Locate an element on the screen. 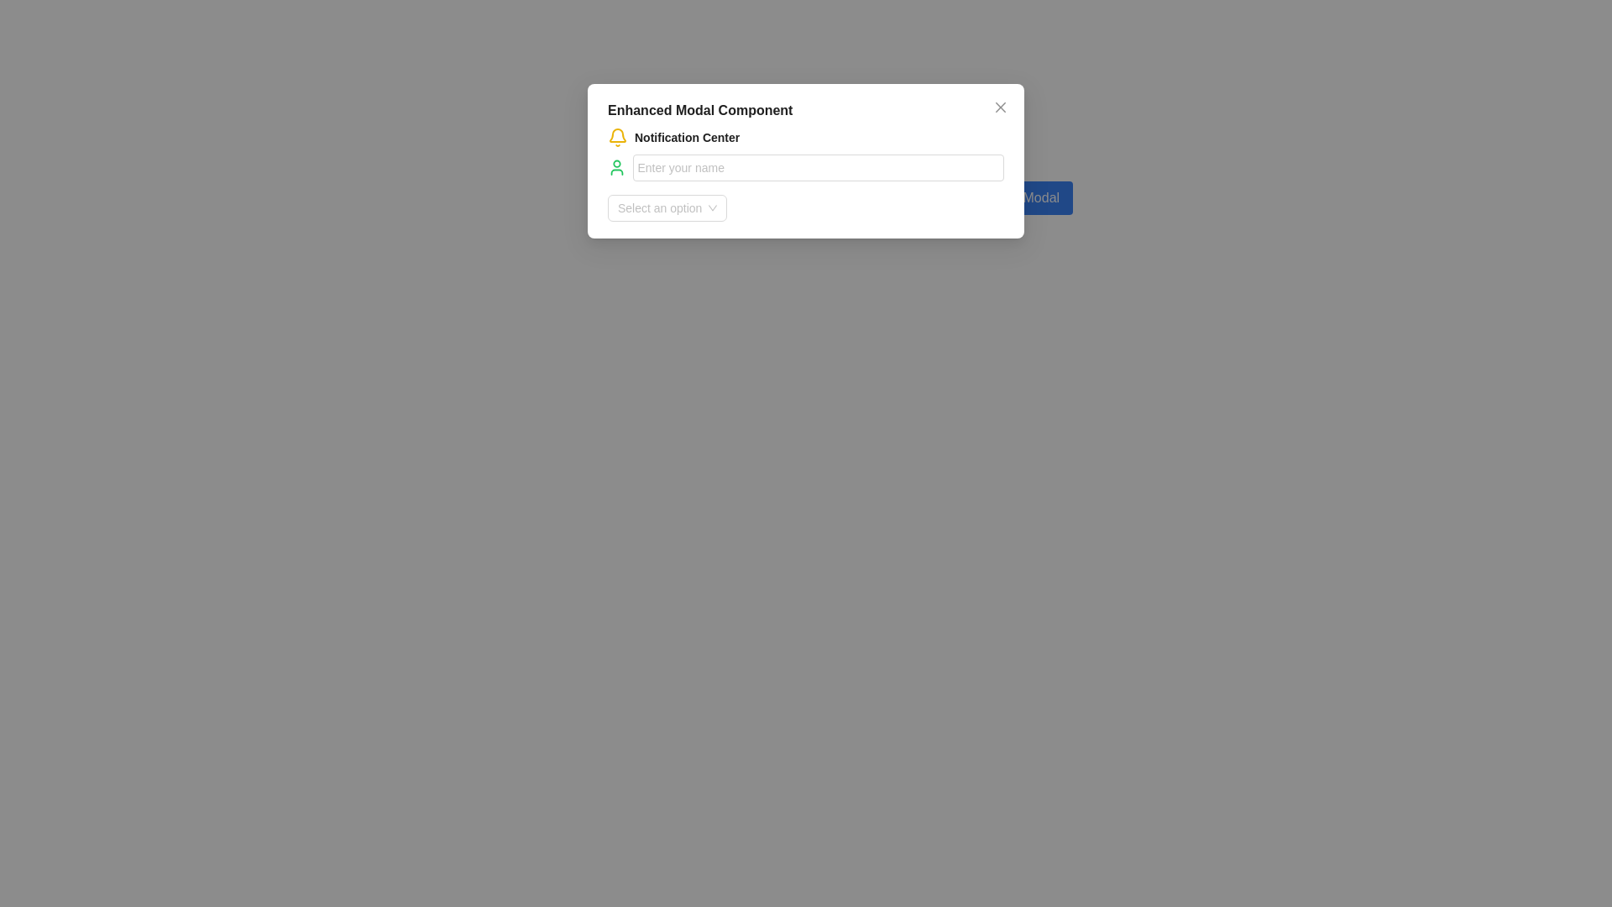  the button located near the right edge of the modal dialog box is located at coordinates (1018, 197).